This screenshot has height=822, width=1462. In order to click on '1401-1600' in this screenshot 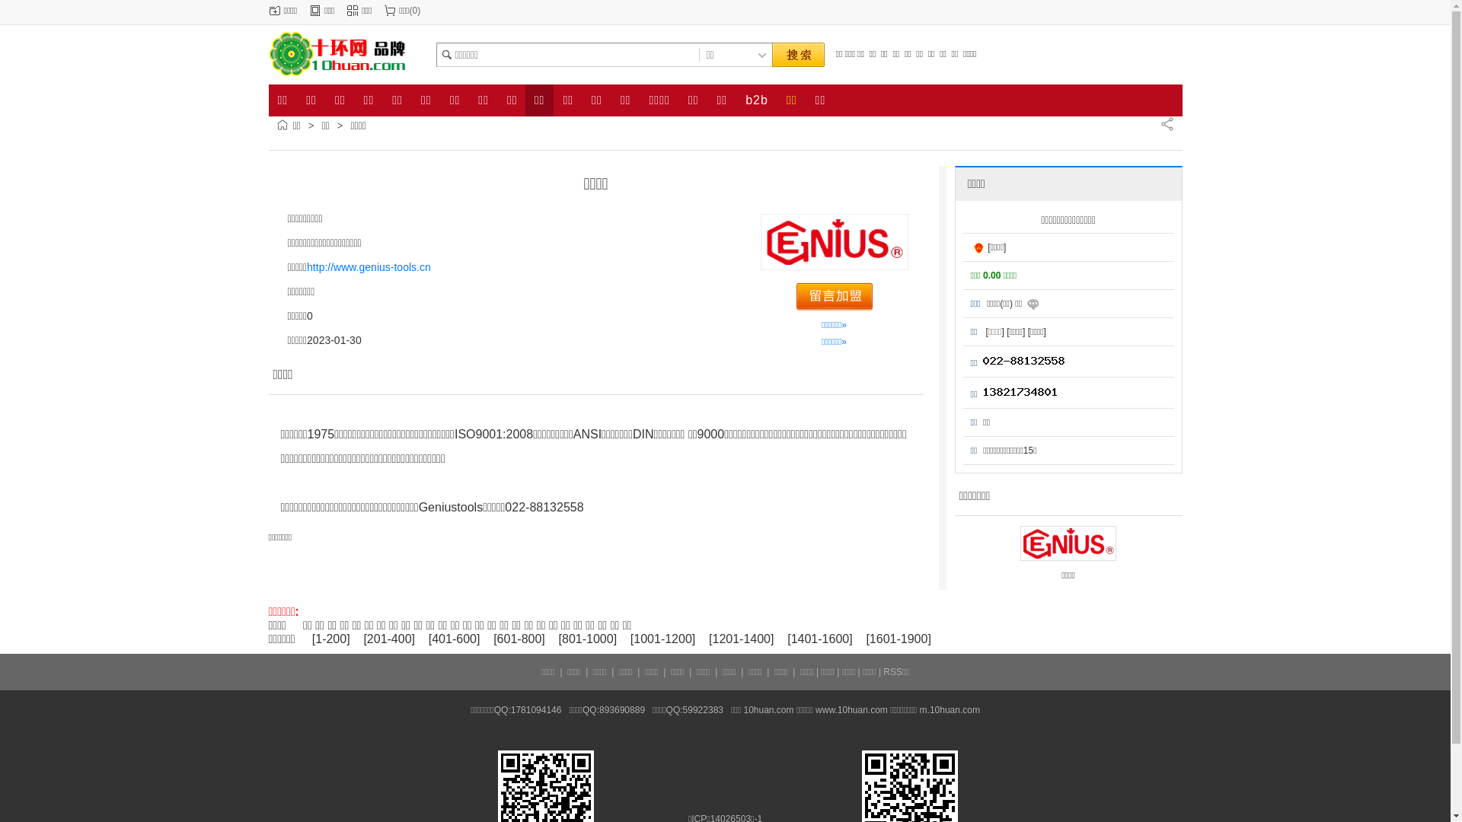, I will do `click(819, 639)`.